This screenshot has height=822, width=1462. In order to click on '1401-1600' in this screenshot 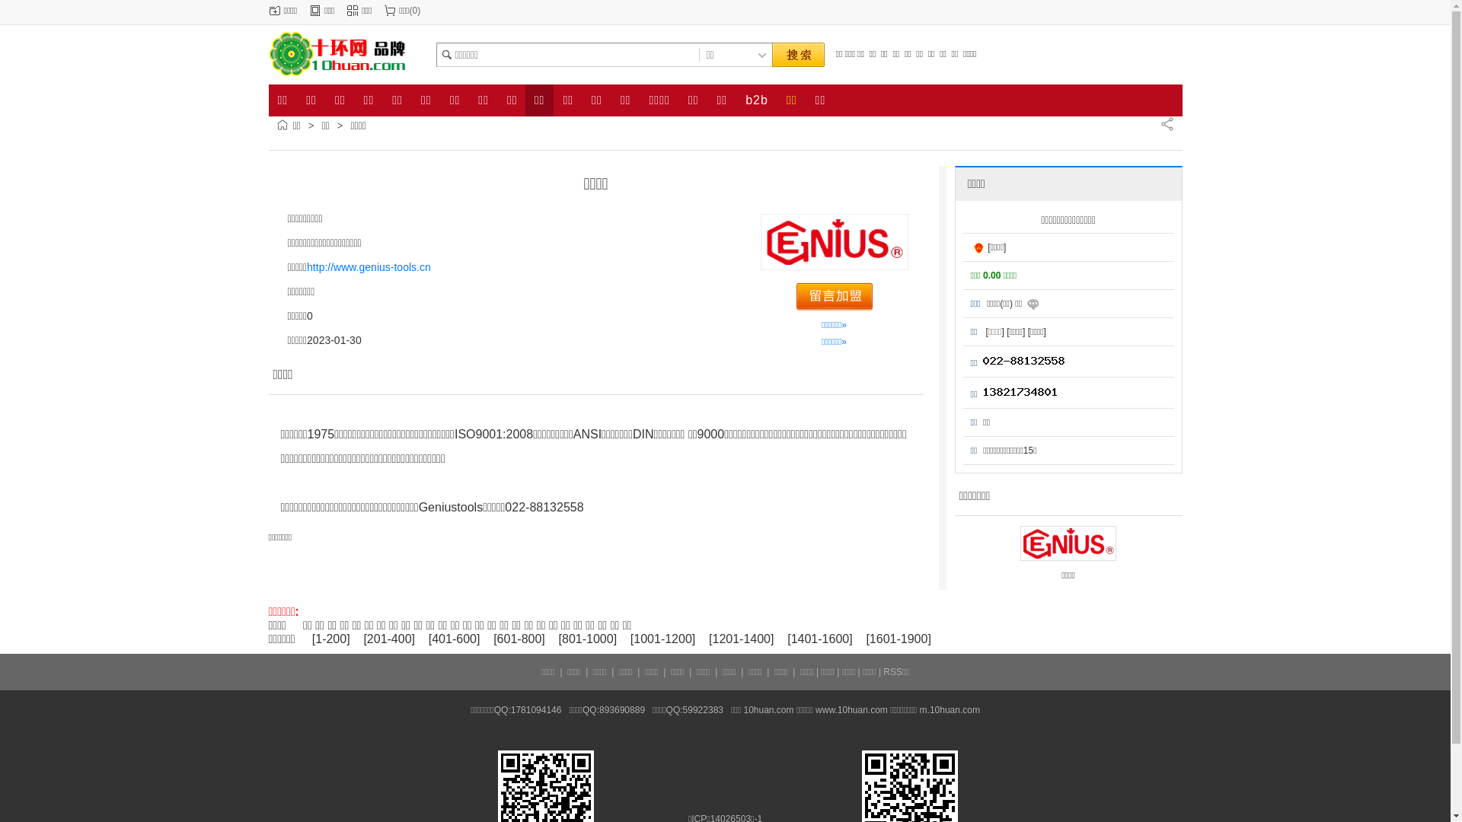, I will do `click(819, 639)`.